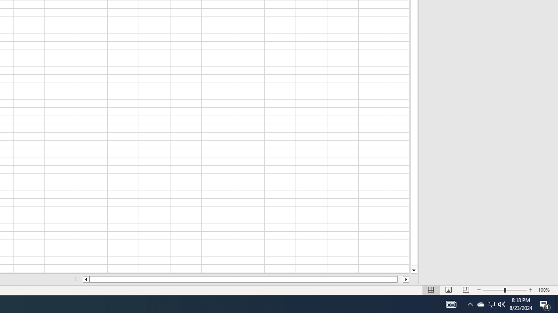 The width and height of the screenshot is (558, 313). I want to click on 'Notification Chevron', so click(491, 303).